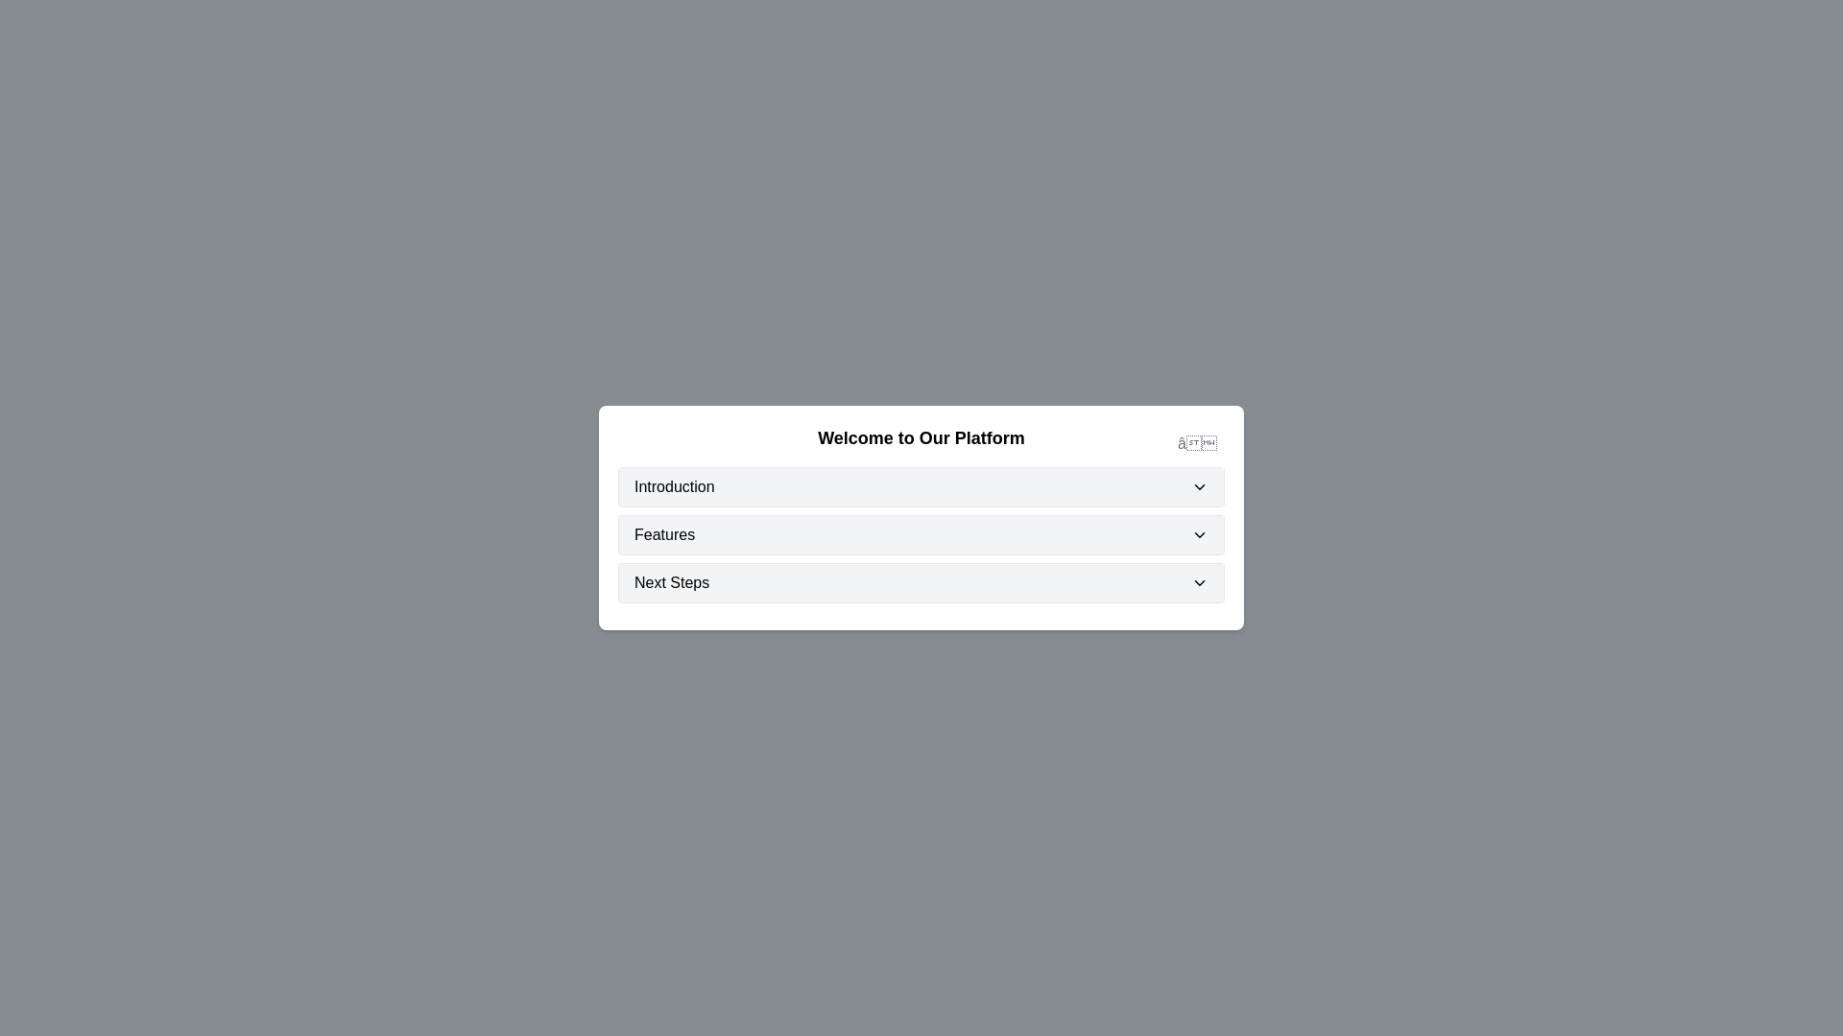 The height and width of the screenshot is (1036, 1843). What do you see at coordinates (674, 486) in the screenshot?
I see `the text label displaying 'Introduction' in a bold font, positioned within a light-gray background bar at the top of the 'Introduction' section` at bounding box center [674, 486].